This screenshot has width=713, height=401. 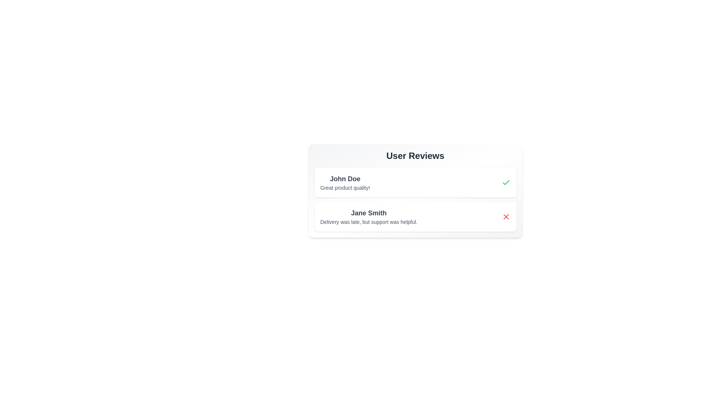 I want to click on bold, centered text that says 'User Reviews', which is positioned at the top of the card containing user review entries, so click(x=415, y=156).